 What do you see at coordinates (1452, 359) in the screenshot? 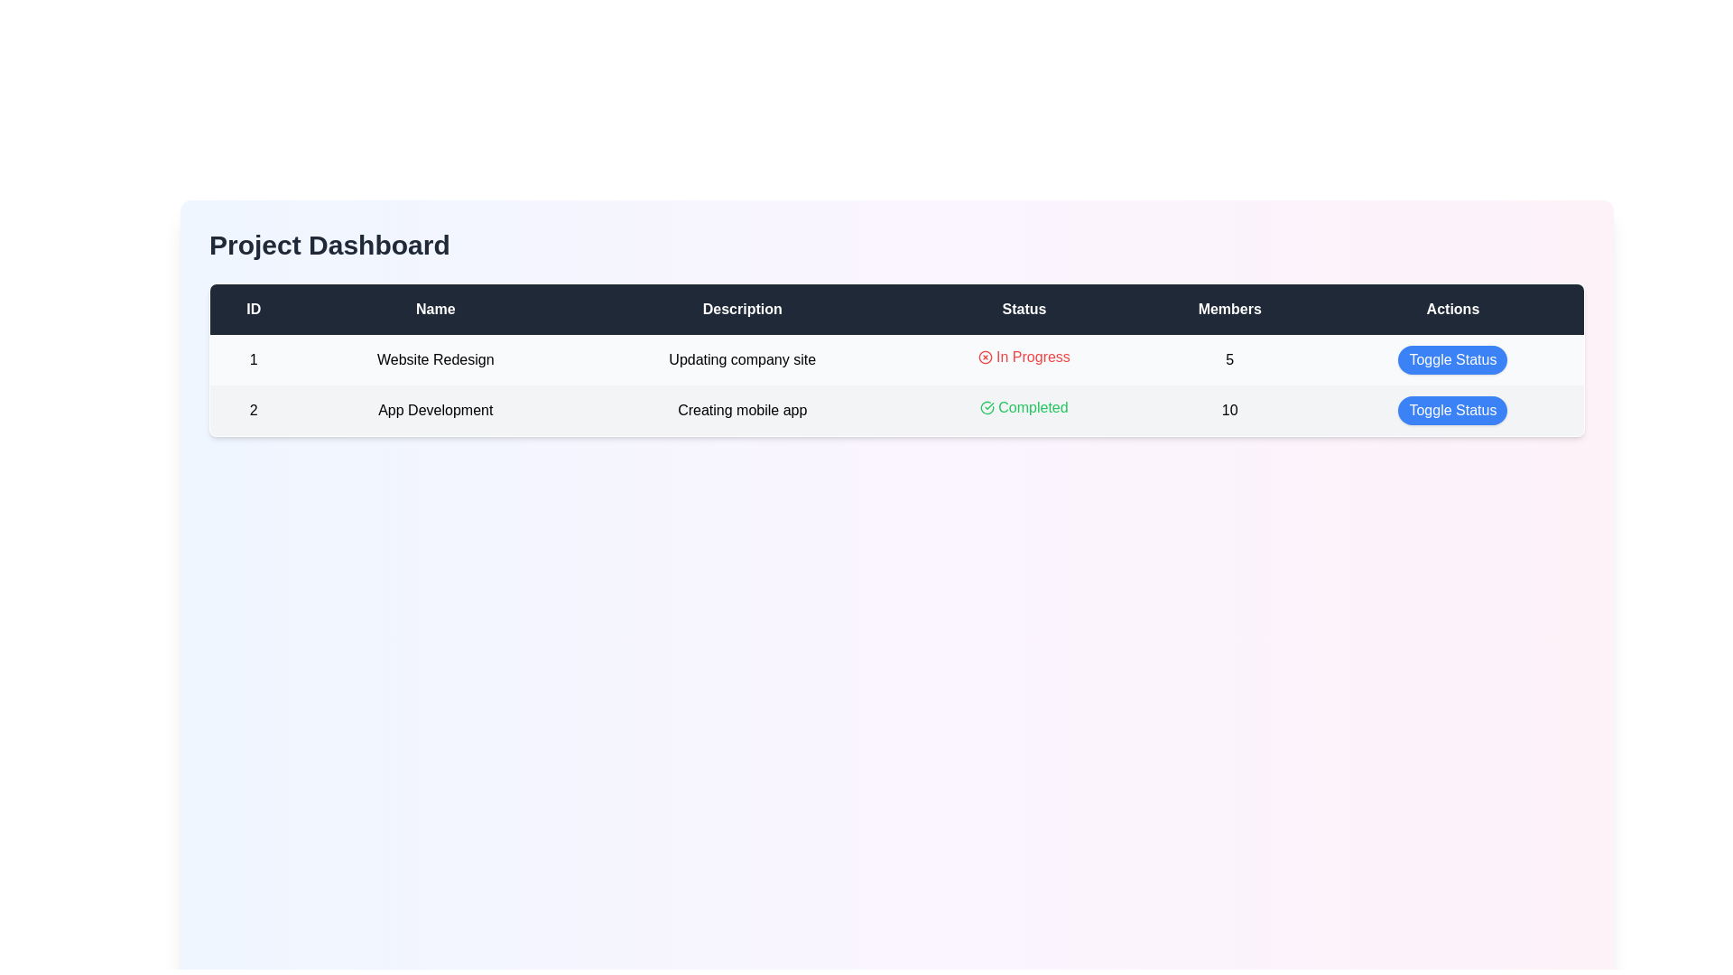
I see `the toggle button located in the fifth column of the first row under the 'Actions' heading` at bounding box center [1452, 359].